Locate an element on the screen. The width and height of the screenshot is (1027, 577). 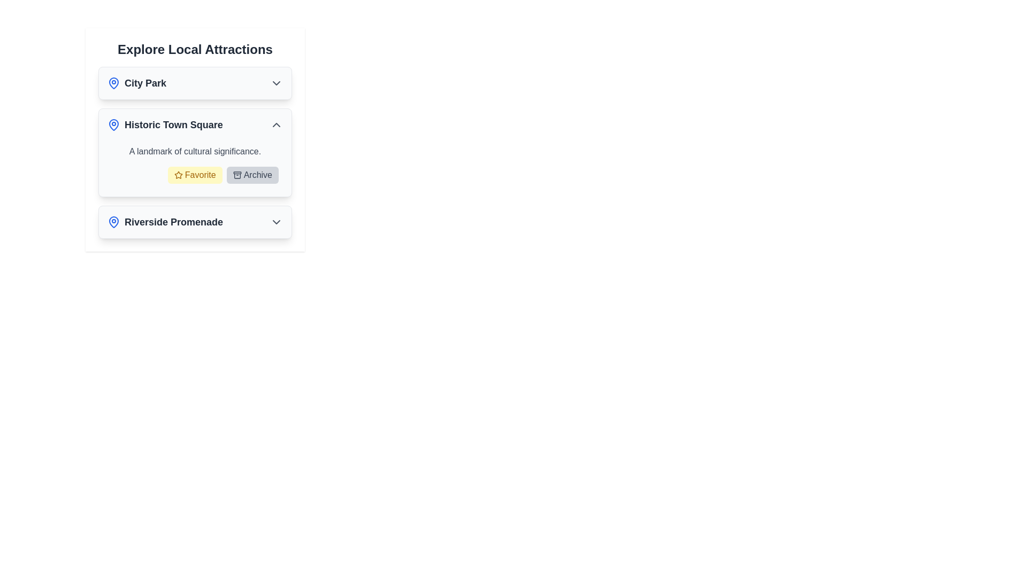
the Chevron Icon located on the rightmost side of the 'Riverside Promenade' clickable item is located at coordinates (277, 222).